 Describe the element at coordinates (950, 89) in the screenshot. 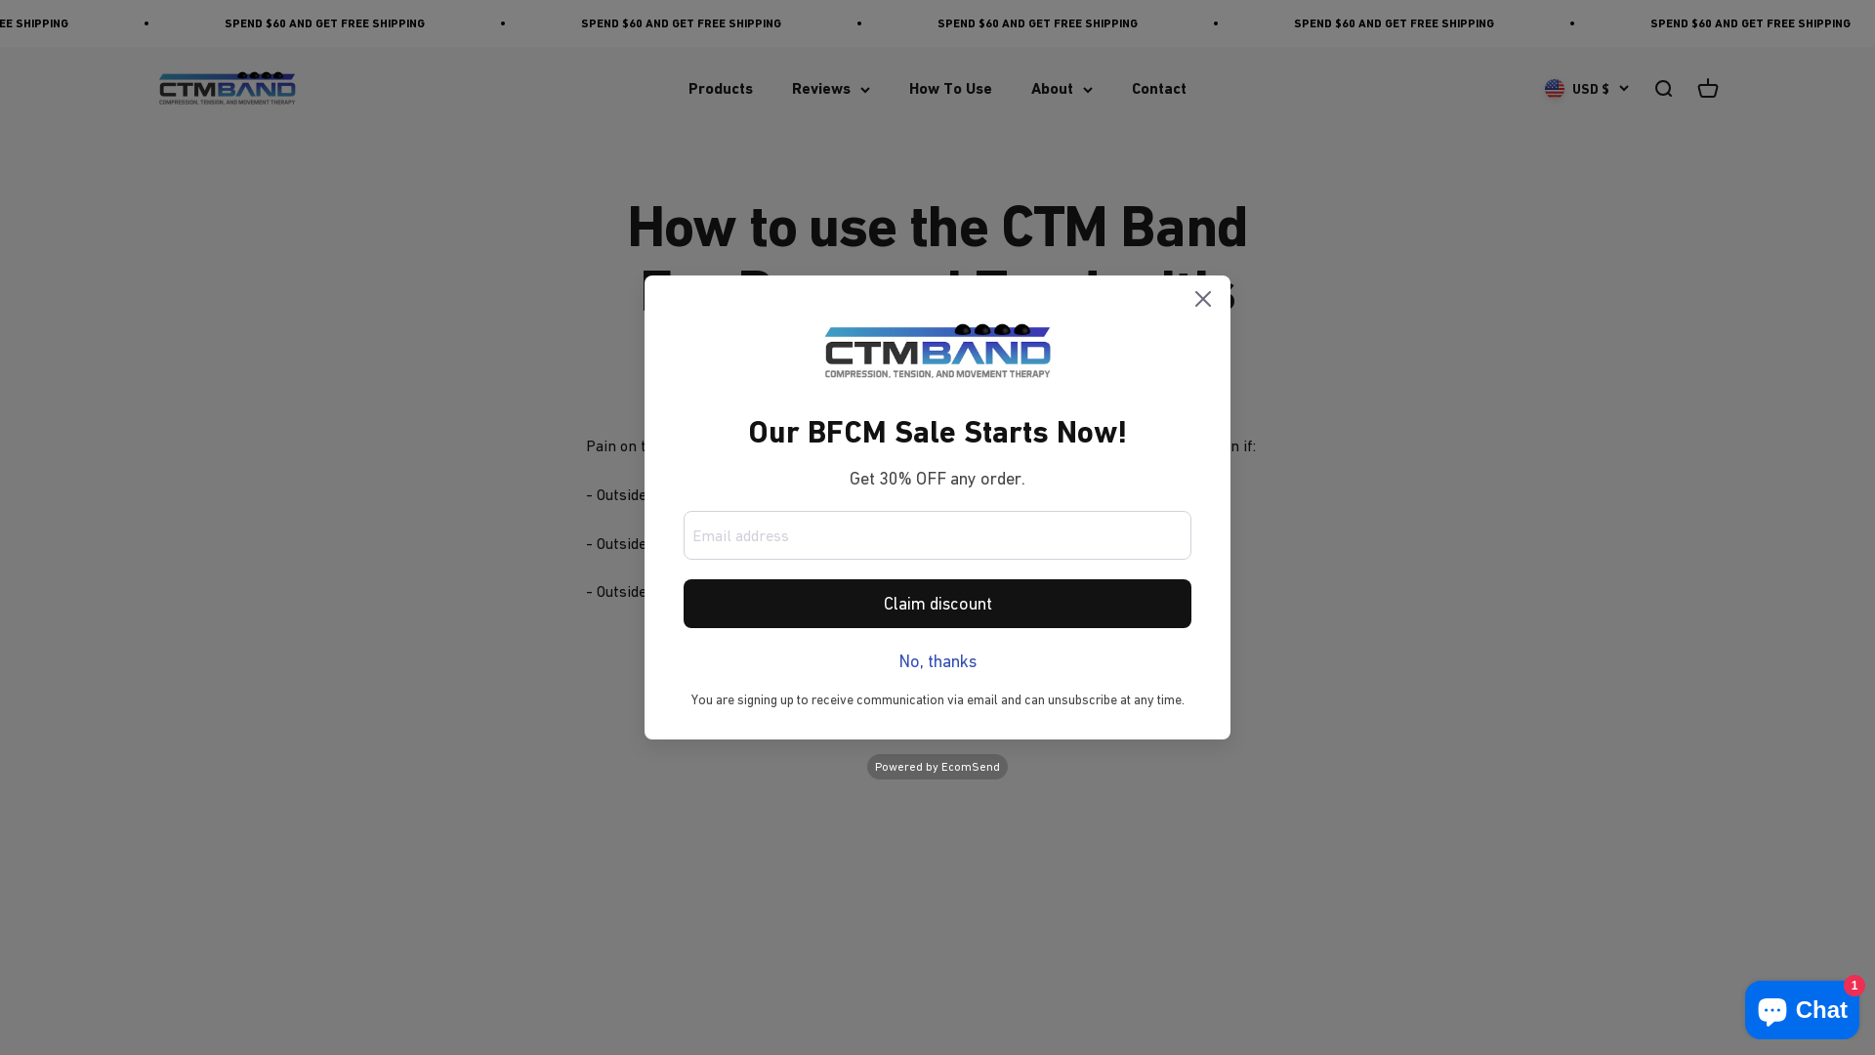

I see `'How To Use'` at that location.